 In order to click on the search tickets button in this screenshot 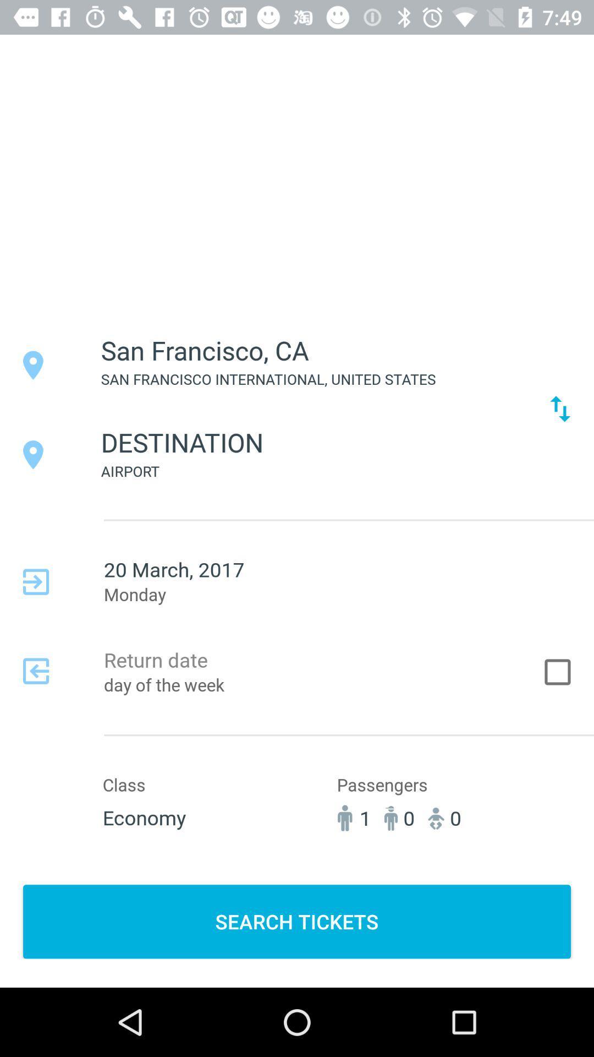, I will do `click(297, 922)`.